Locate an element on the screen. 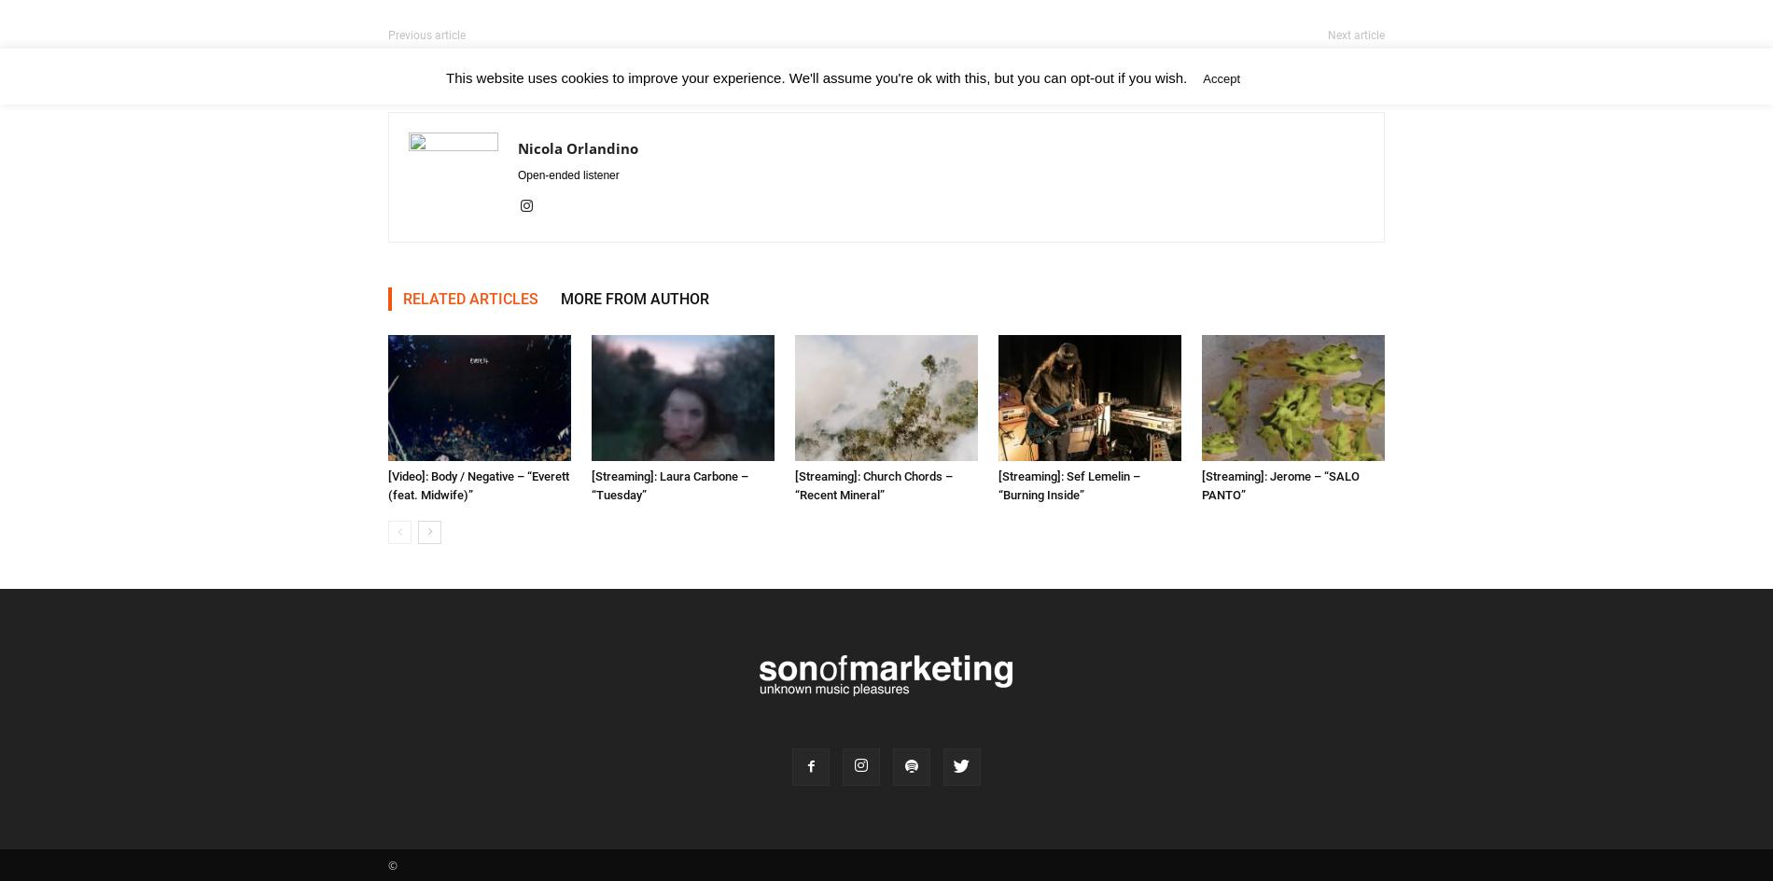 The image size is (1773, 881). 'Read More' is located at coordinates (1254, 77).